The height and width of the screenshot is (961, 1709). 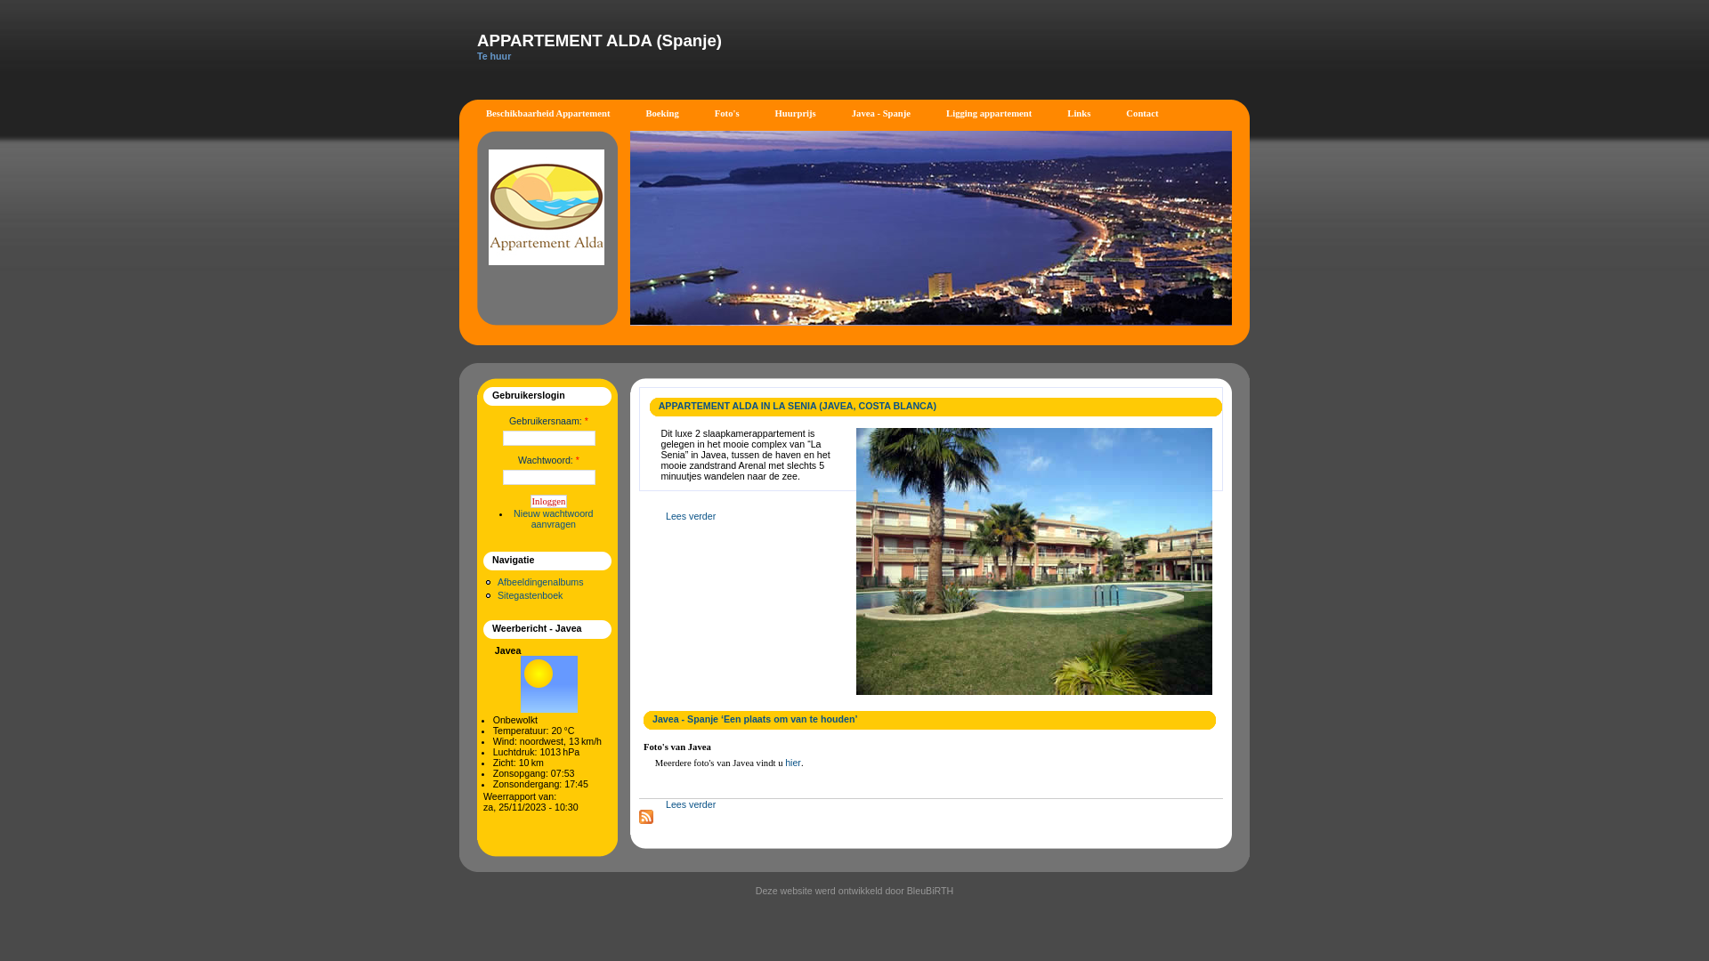 I want to click on 'Huurprijs', so click(x=757, y=113).